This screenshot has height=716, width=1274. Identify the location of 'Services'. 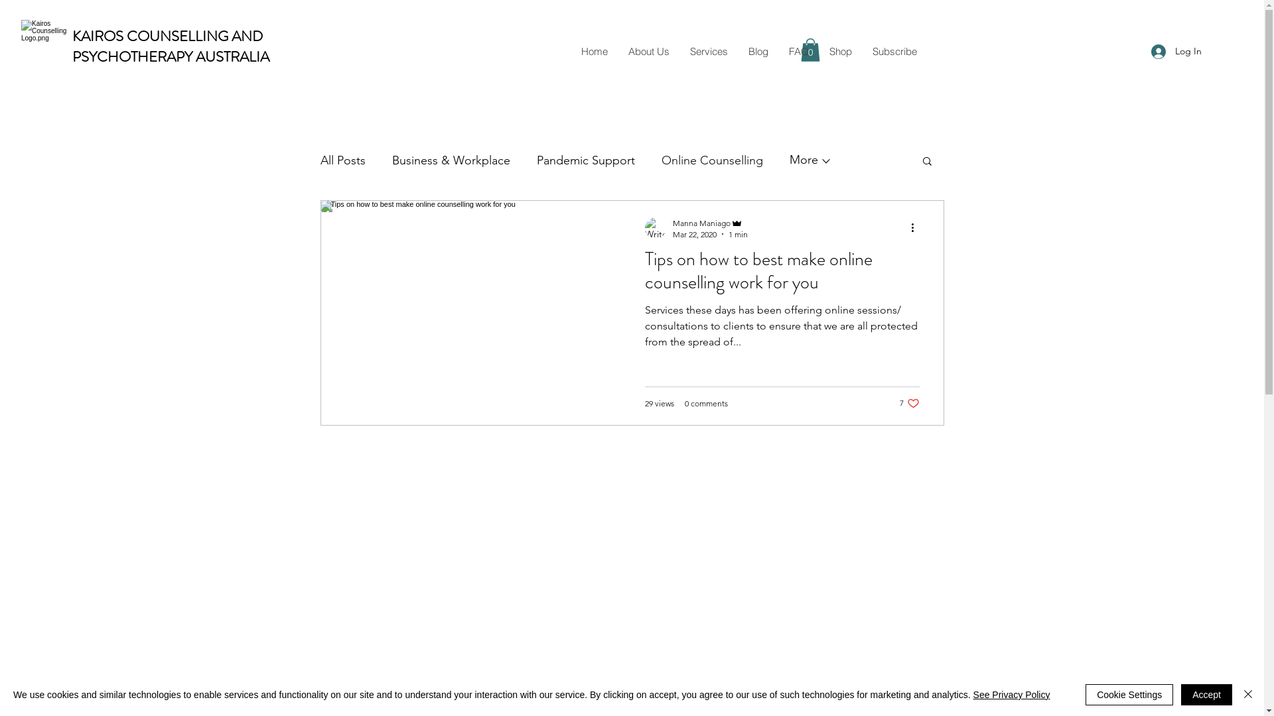
(708, 50).